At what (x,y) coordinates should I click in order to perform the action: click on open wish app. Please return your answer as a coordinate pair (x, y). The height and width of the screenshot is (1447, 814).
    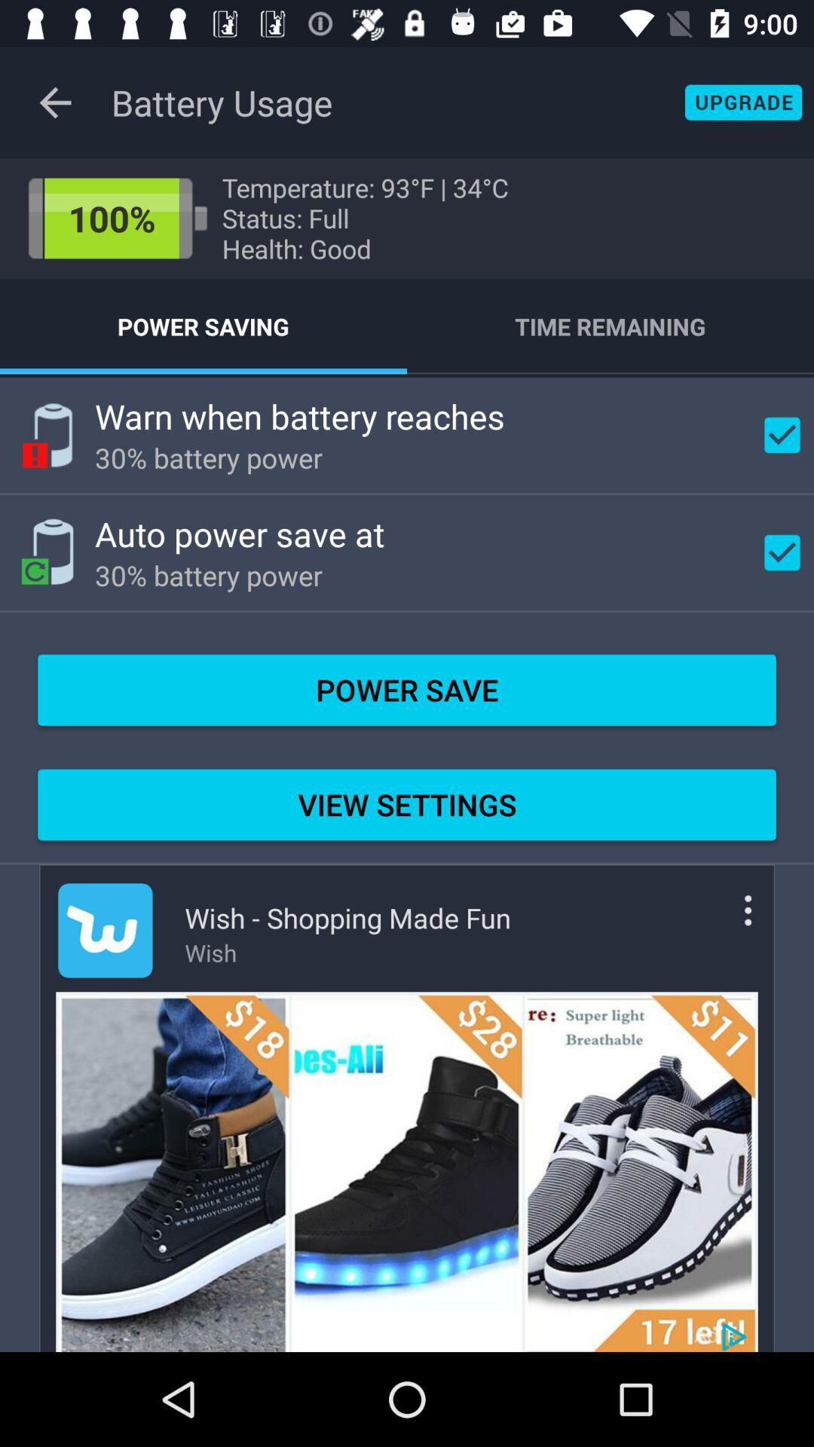
    Looking at the image, I should click on (104, 929).